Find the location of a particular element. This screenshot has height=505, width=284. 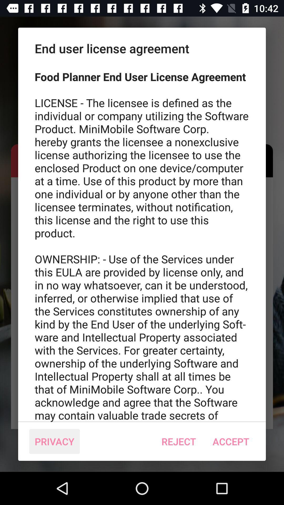

icon below food planner end item is located at coordinates (231, 441).